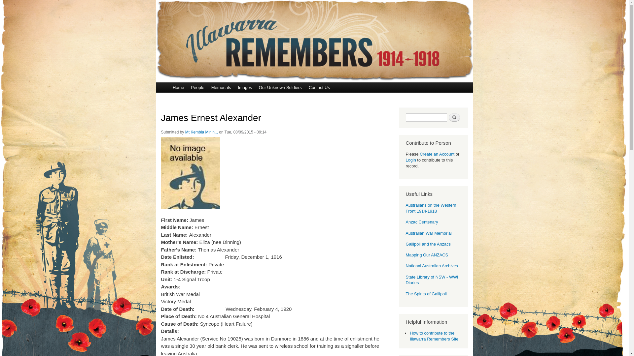 The image size is (634, 356). Describe the element at coordinates (421, 222) in the screenshot. I see `'Anzac Centenary'` at that location.